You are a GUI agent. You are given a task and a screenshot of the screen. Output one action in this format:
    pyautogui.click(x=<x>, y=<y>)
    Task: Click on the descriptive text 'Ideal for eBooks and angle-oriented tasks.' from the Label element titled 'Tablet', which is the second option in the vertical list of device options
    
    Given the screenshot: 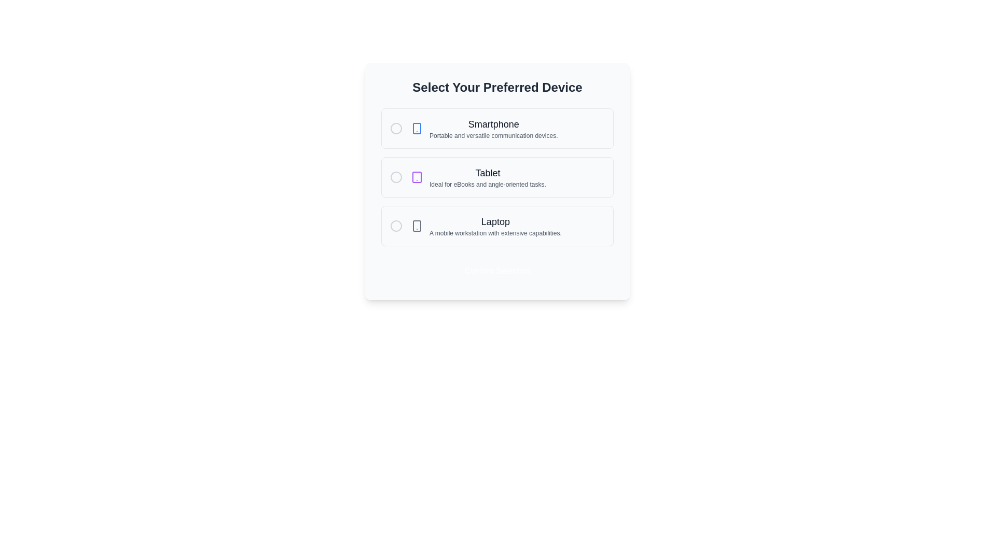 What is the action you would take?
    pyautogui.click(x=487, y=177)
    